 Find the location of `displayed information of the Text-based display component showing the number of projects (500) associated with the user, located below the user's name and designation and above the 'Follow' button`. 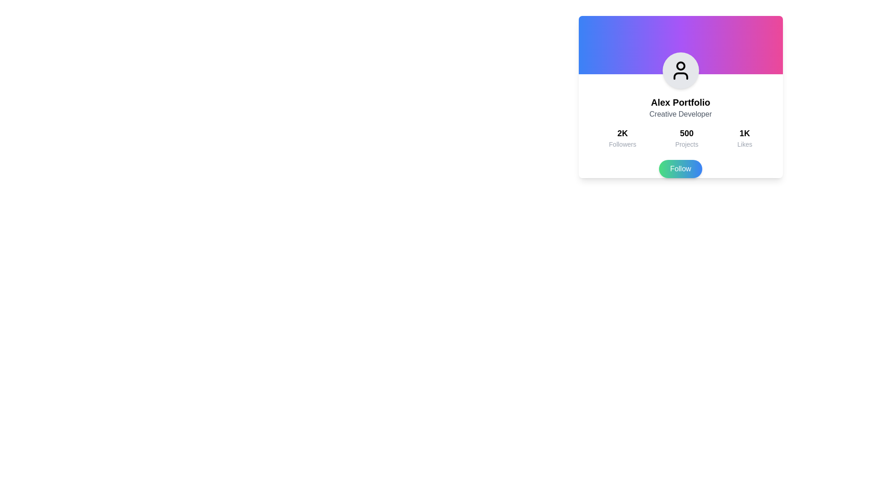

displayed information of the Text-based display component showing the number of projects (500) associated with the user, located below the user's name and designation and above the 'Follow' button is located at coordinates (680, 138).